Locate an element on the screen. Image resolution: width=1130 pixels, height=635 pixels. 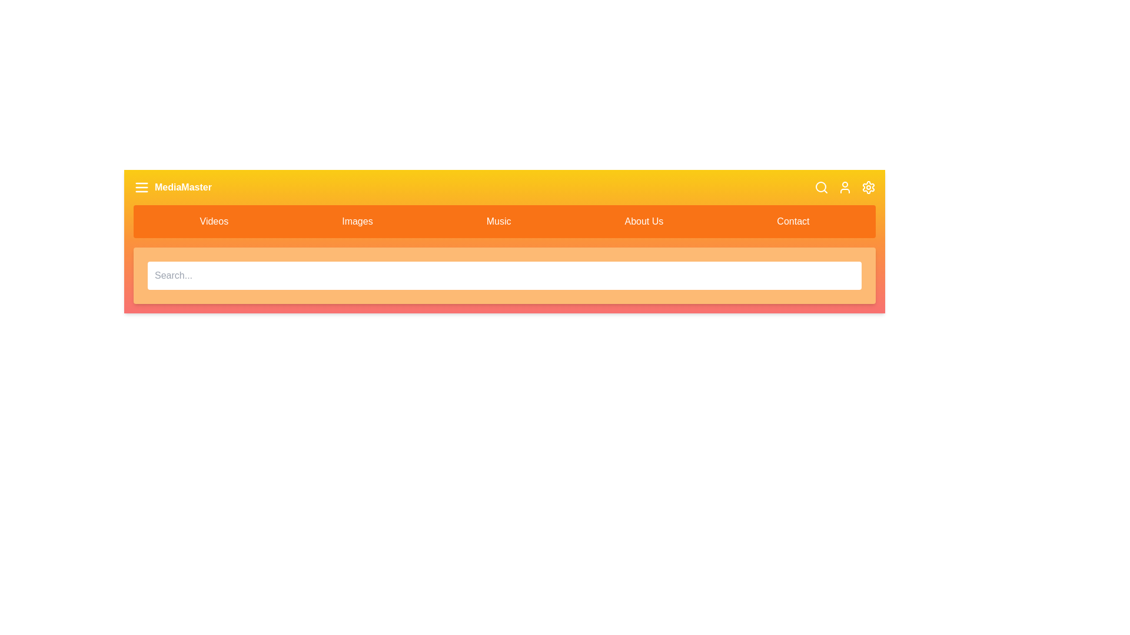
the search input field to focus it is located at coordinates (504, 276).